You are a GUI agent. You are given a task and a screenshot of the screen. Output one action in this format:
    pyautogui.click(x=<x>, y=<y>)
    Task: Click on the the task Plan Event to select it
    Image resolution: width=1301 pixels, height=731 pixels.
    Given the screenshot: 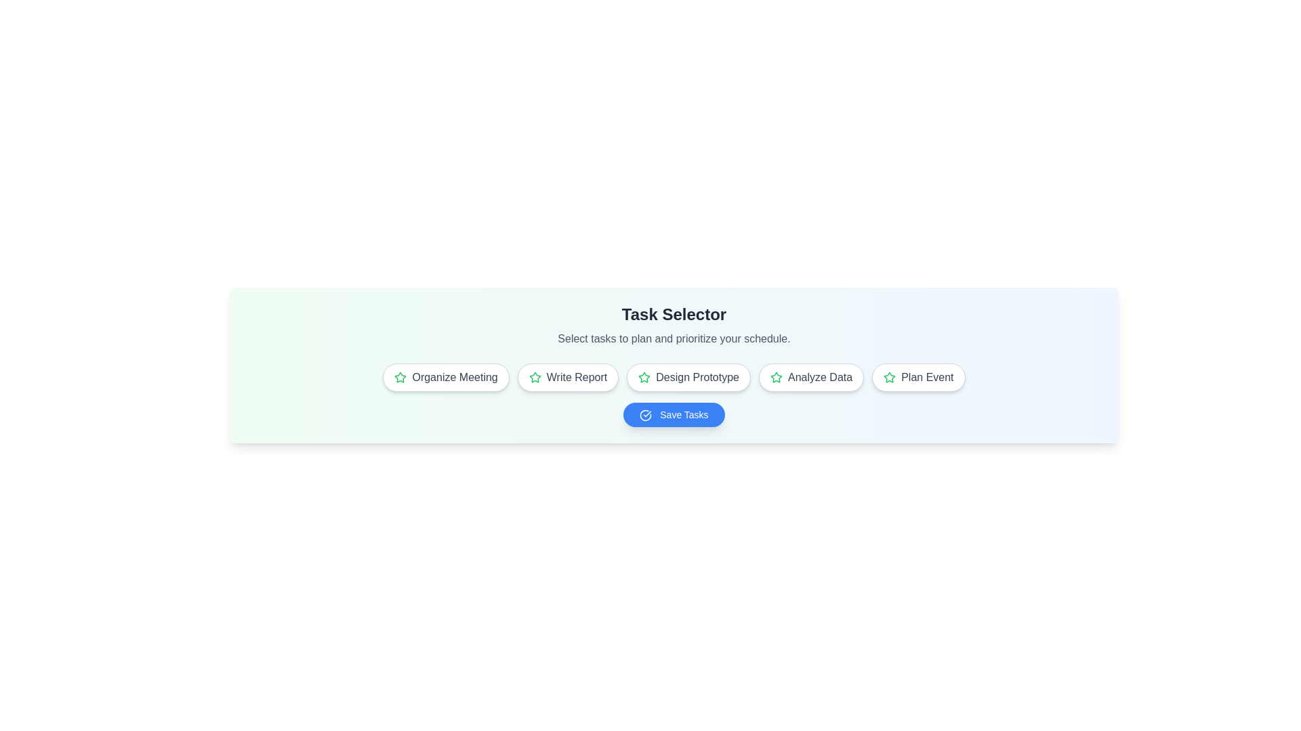 What is the action you would take?
    pyautogui.click(x=918, y=378)
    